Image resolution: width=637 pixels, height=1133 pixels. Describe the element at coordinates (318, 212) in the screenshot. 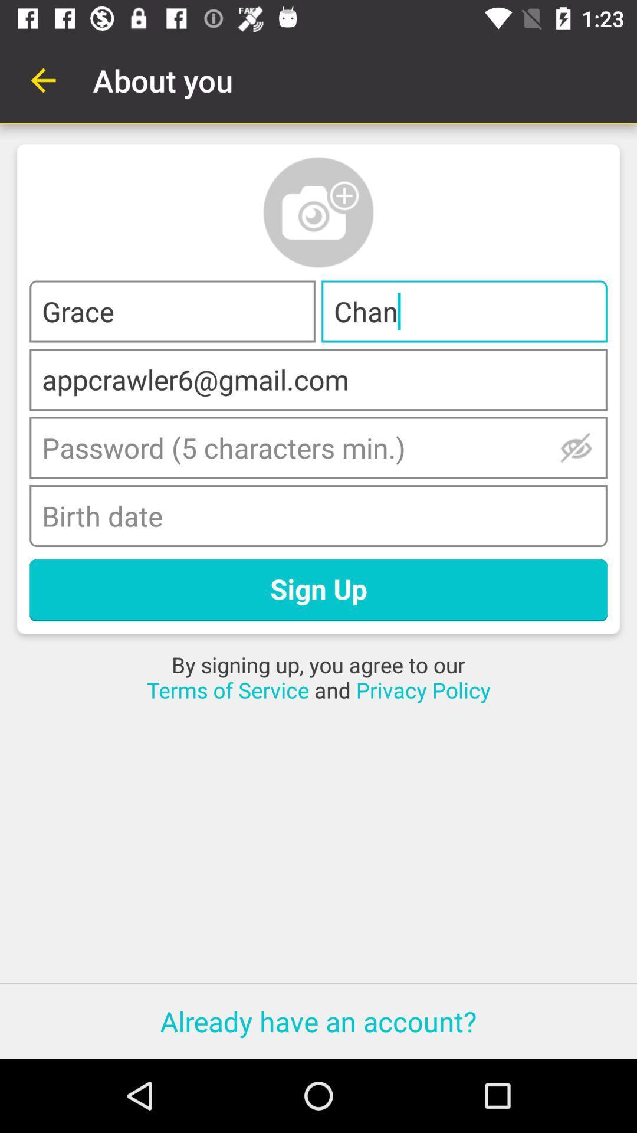

I see `a profile photo` at that location.